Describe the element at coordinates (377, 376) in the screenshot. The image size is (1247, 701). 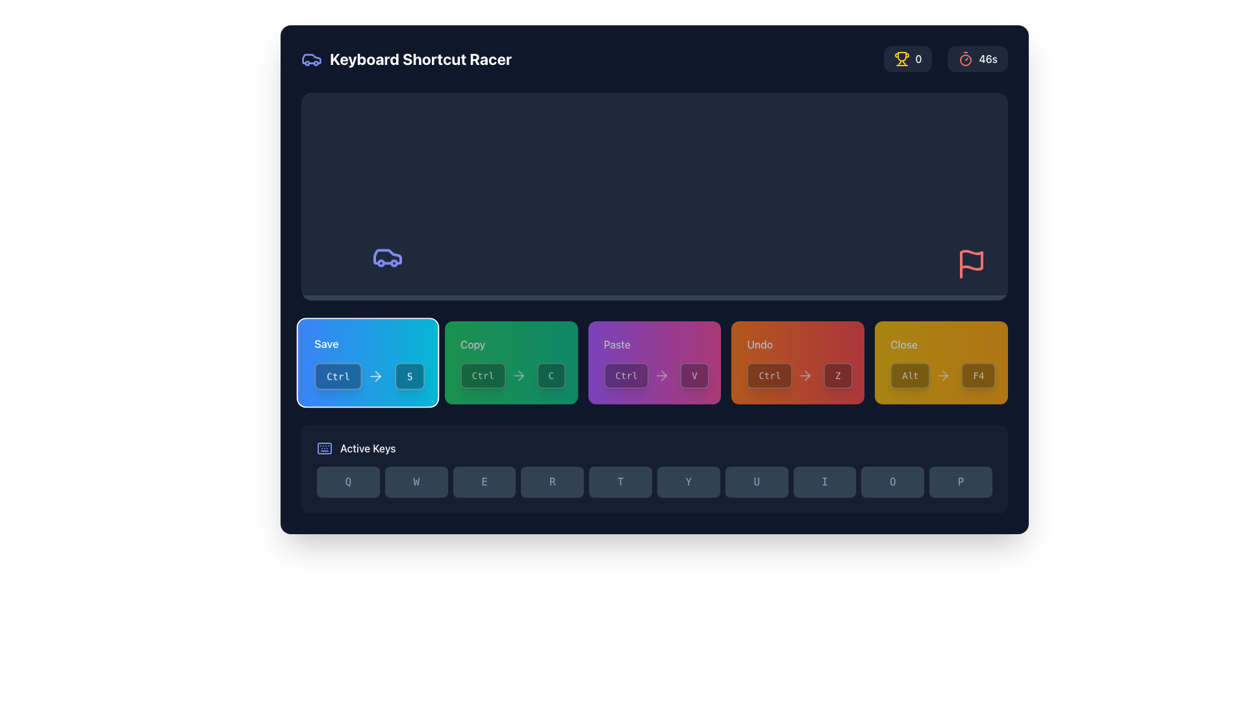
I see `the directional icon located within the blue rectangle labeled 'Save', positioned to the right of the 'Ctrl' key and before the 'S' key symbol` at that location.